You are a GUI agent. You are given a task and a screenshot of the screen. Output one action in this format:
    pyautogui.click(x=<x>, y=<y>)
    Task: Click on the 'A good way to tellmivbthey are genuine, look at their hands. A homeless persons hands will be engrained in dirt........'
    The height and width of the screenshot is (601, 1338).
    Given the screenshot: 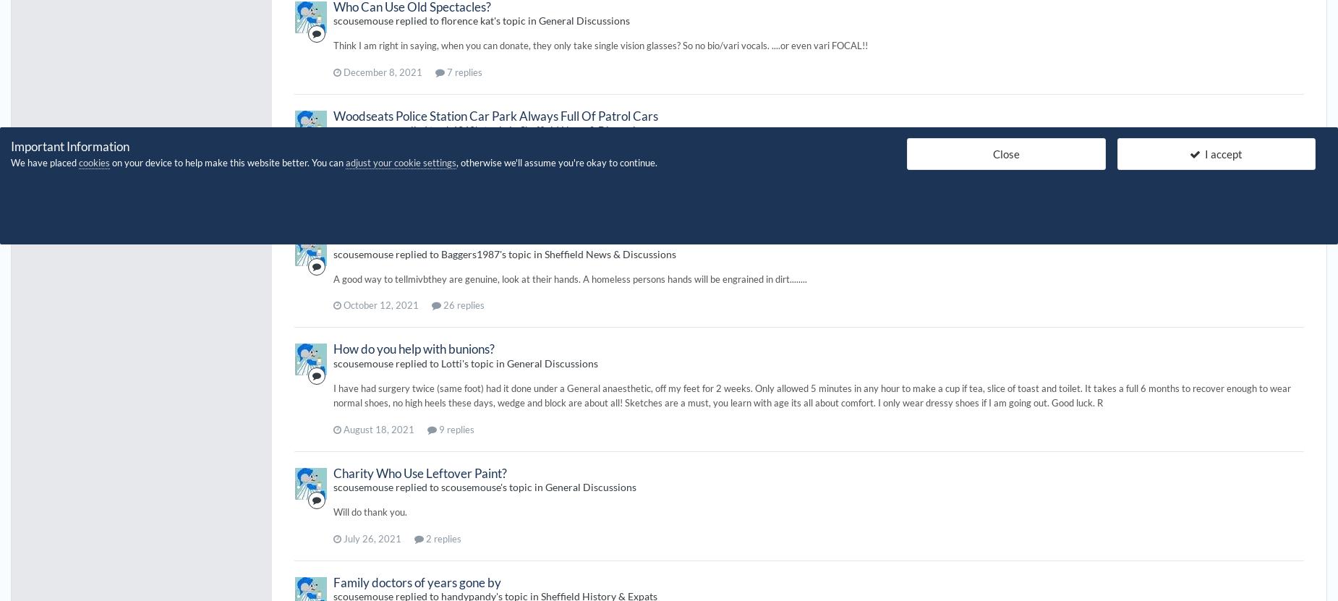 What is the action you would take?
    pyautogui.click(x=333, y=278)
    